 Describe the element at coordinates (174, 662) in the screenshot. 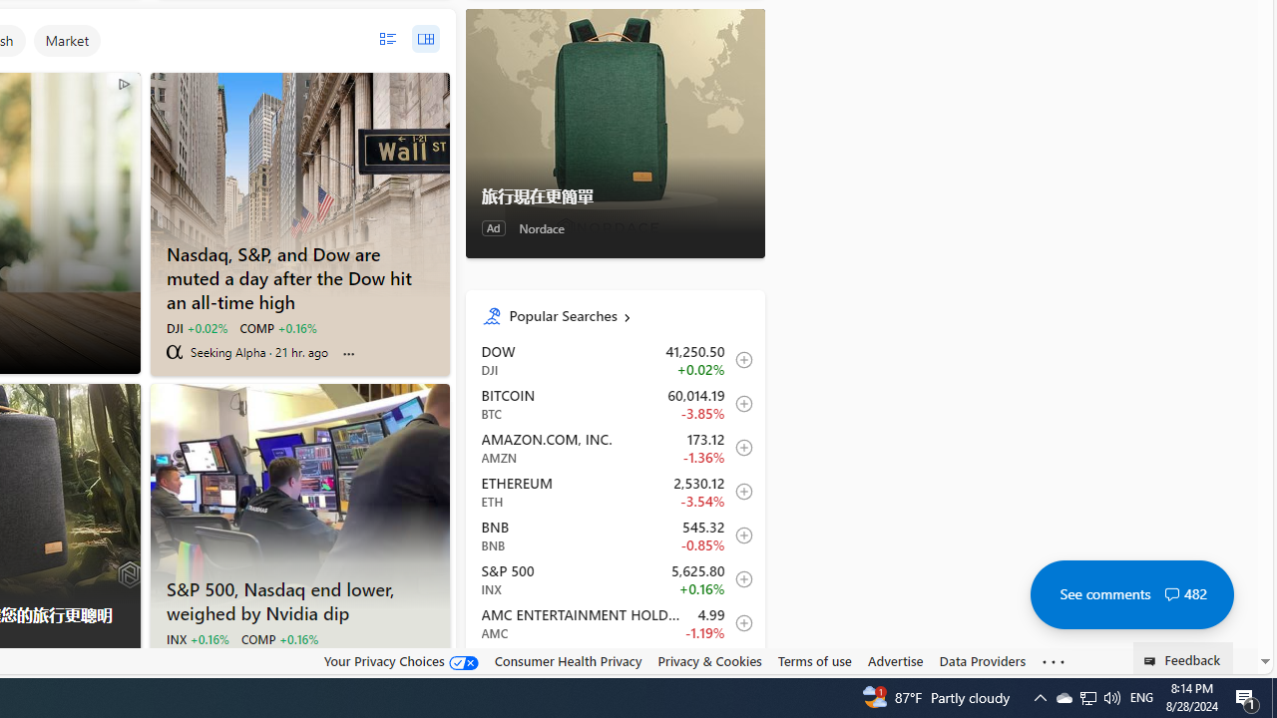

I see `'Reuters'` at that location.